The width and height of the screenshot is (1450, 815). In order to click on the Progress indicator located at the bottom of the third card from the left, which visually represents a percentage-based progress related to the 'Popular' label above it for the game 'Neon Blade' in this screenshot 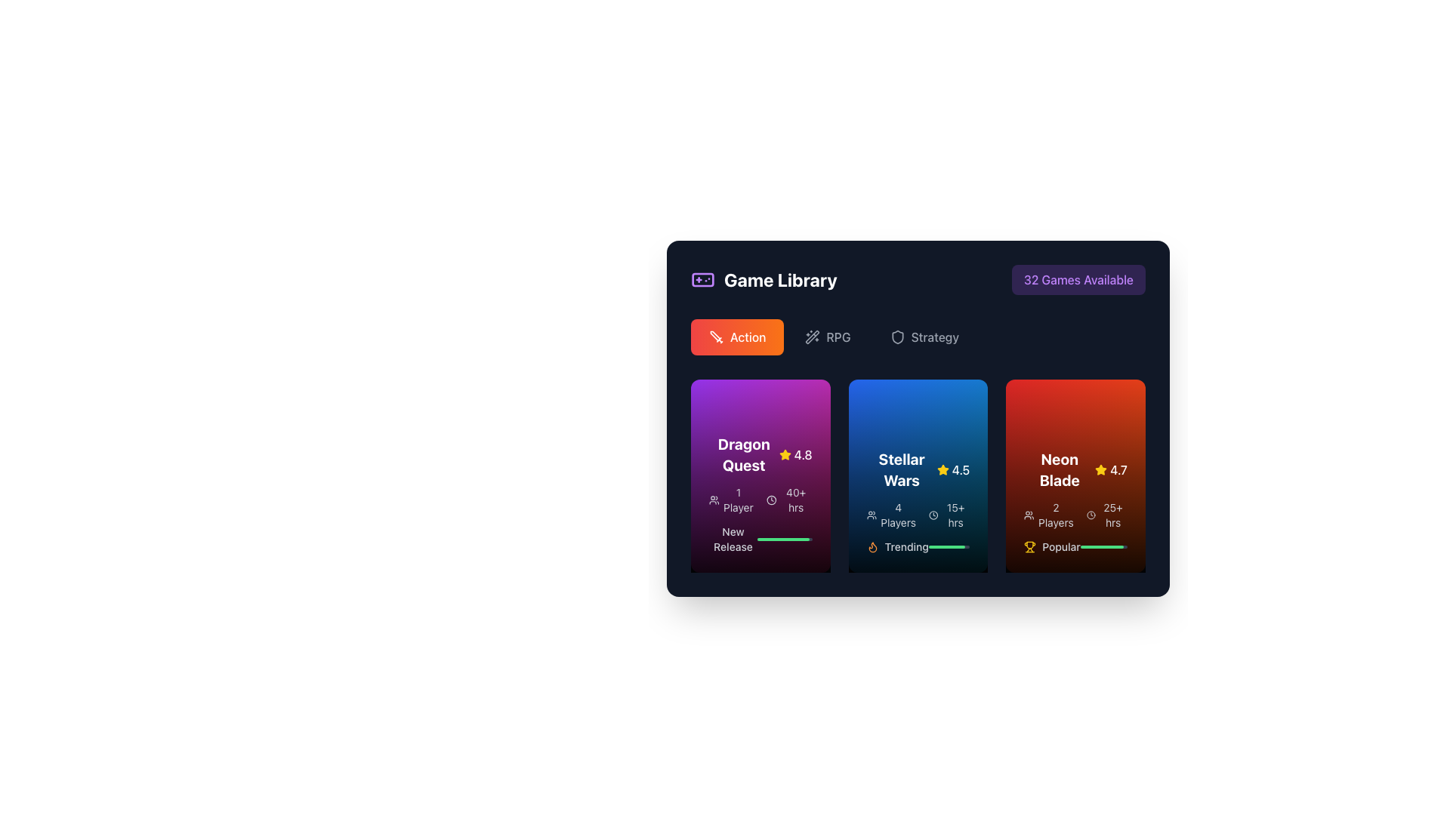, I will do `click(1102, 547)`.